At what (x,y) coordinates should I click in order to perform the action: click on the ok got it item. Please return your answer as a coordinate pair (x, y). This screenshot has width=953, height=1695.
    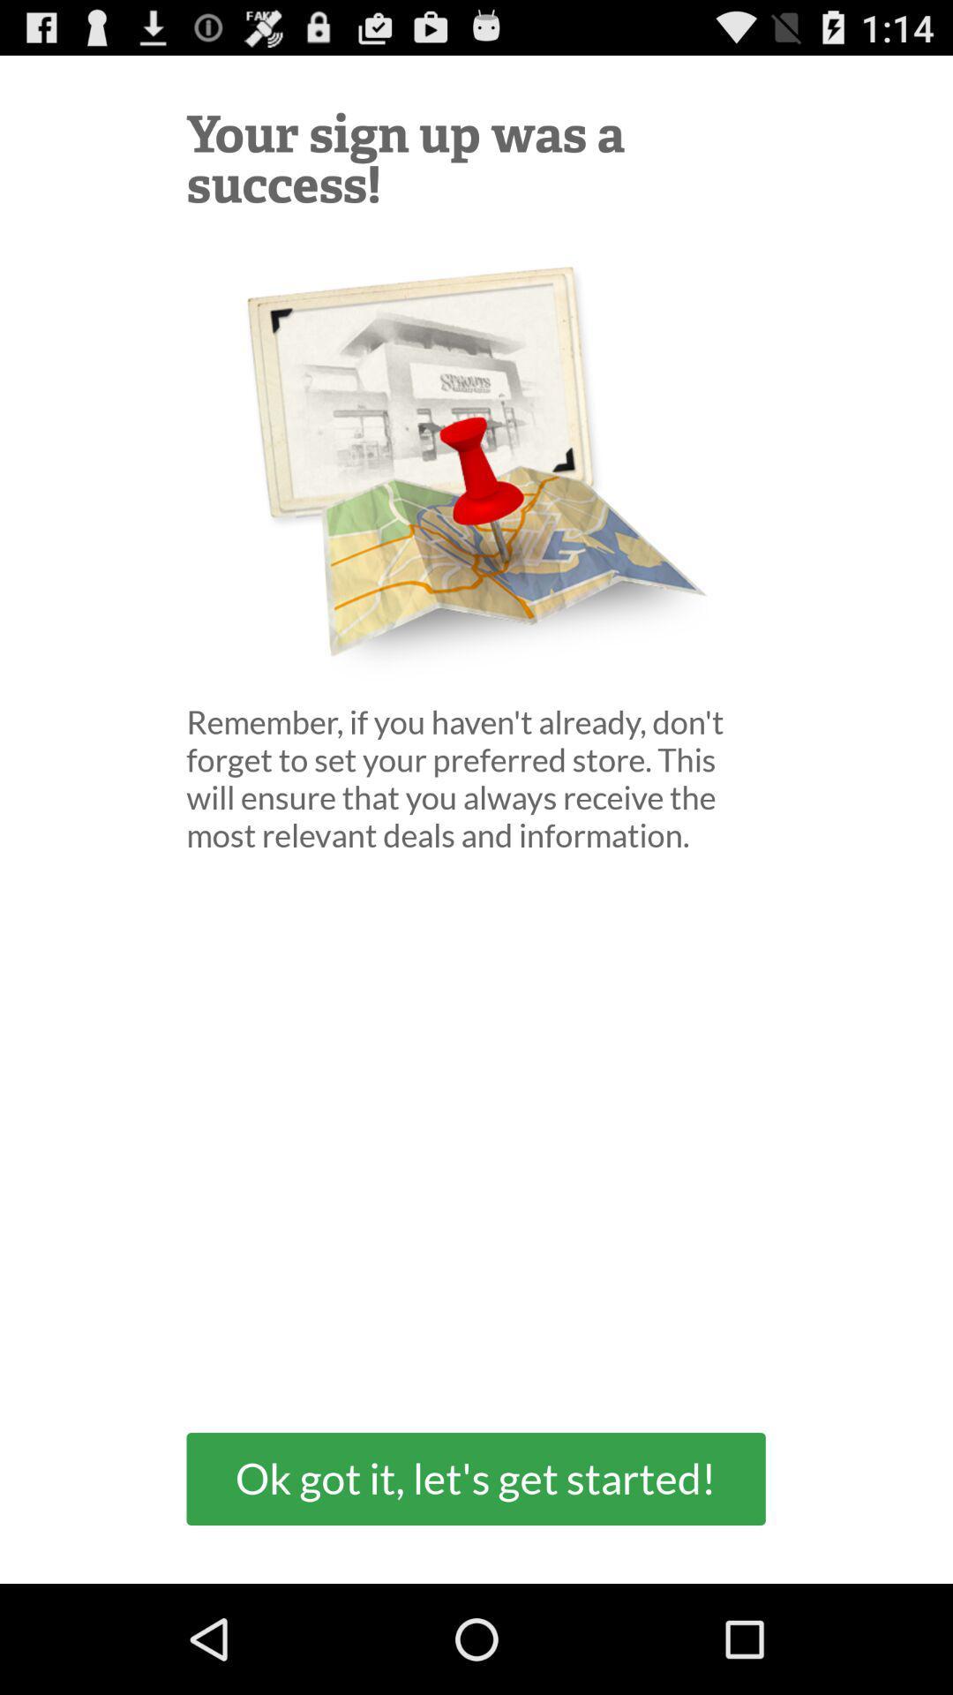
    Looking at the image, I should click on (475, 1479).